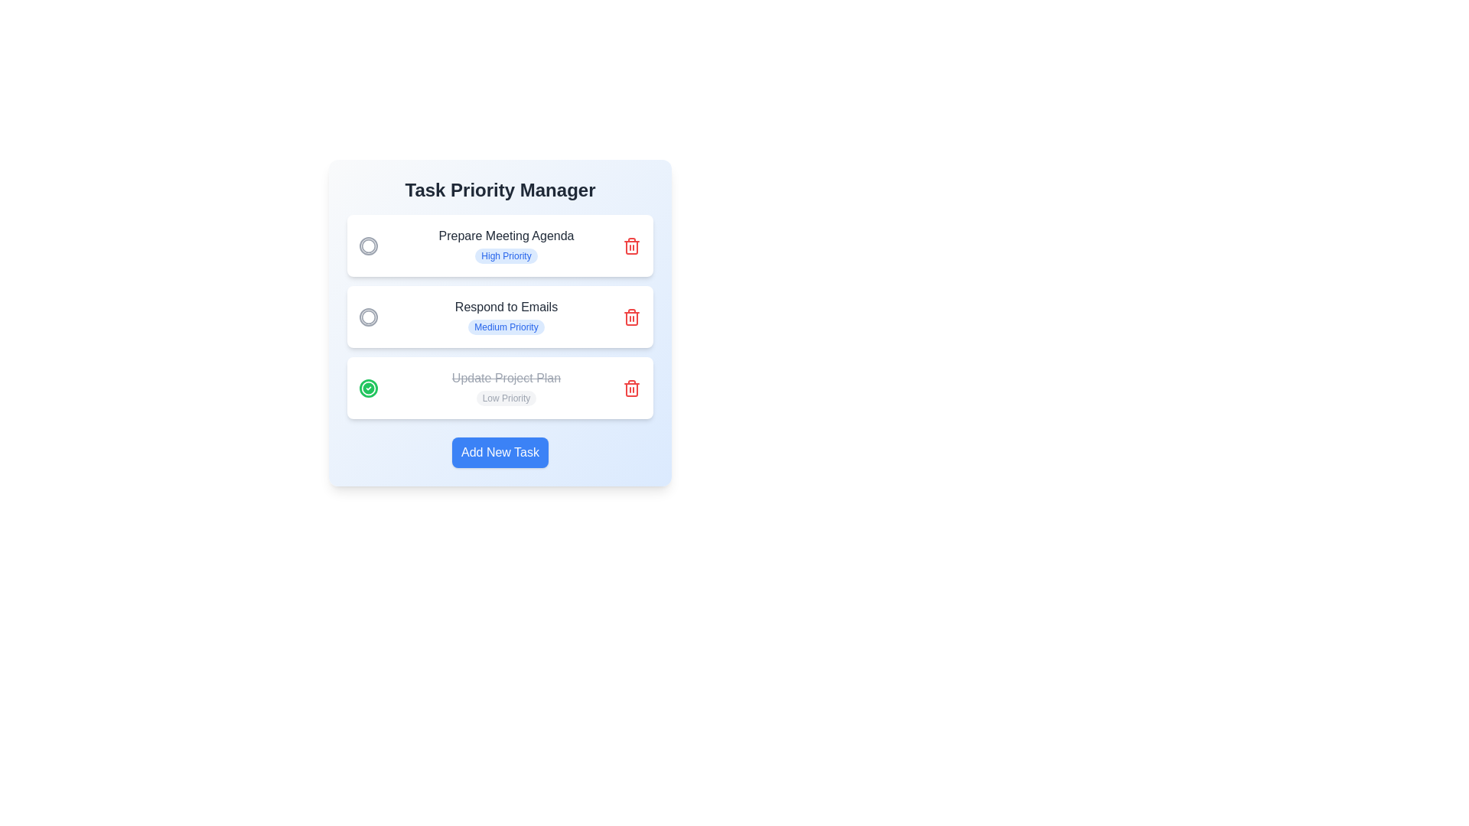  Describe the element at coordinates (506, 316) in the screenshot. I see `the 'Respond to Emails' task item, which has a primary text in dark gray and a secondary text 'Medium Priority' in white on a blue background` at that location.